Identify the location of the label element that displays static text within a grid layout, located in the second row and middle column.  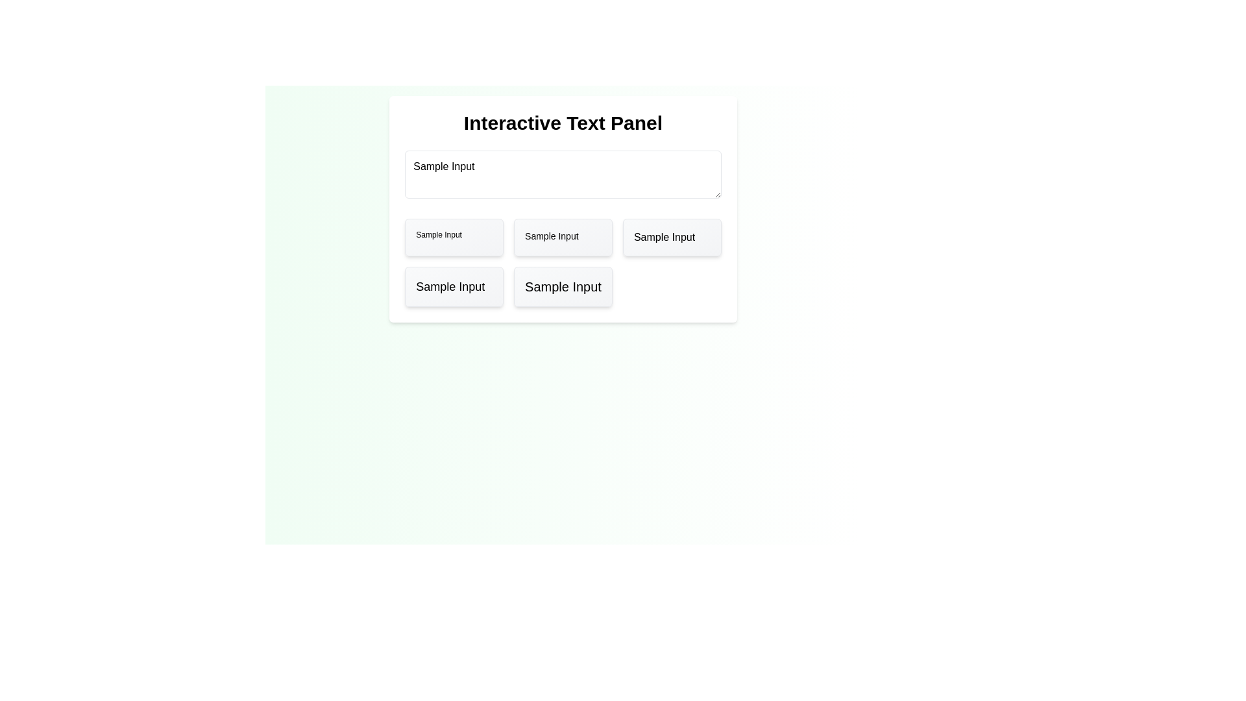
(552, 238).